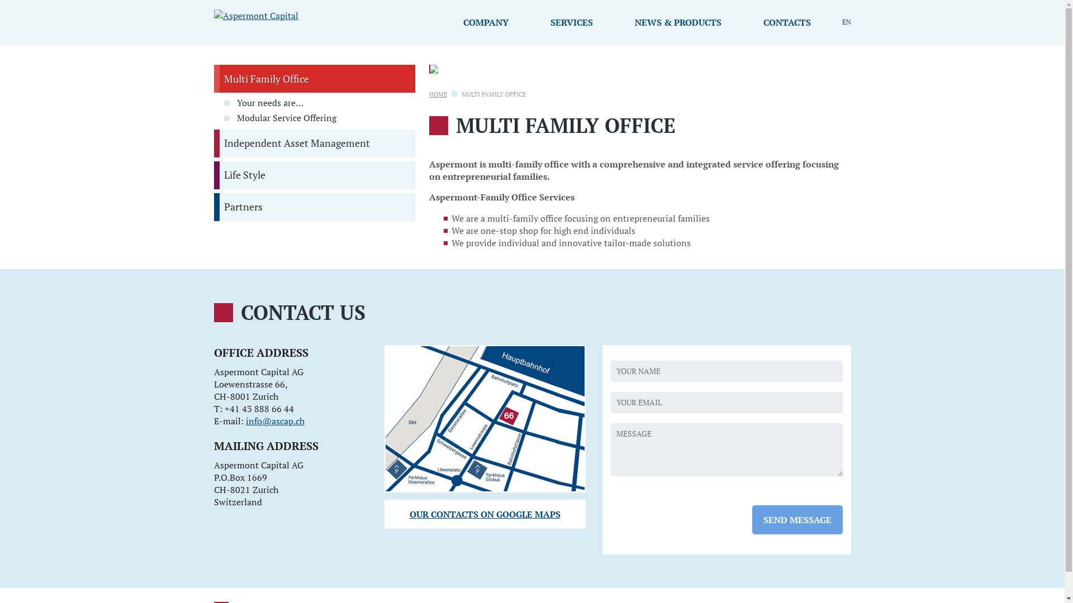 The width and height of the screenshot is (1073, 603). I want to click on 'Multi Family Office', so click(313, 78).